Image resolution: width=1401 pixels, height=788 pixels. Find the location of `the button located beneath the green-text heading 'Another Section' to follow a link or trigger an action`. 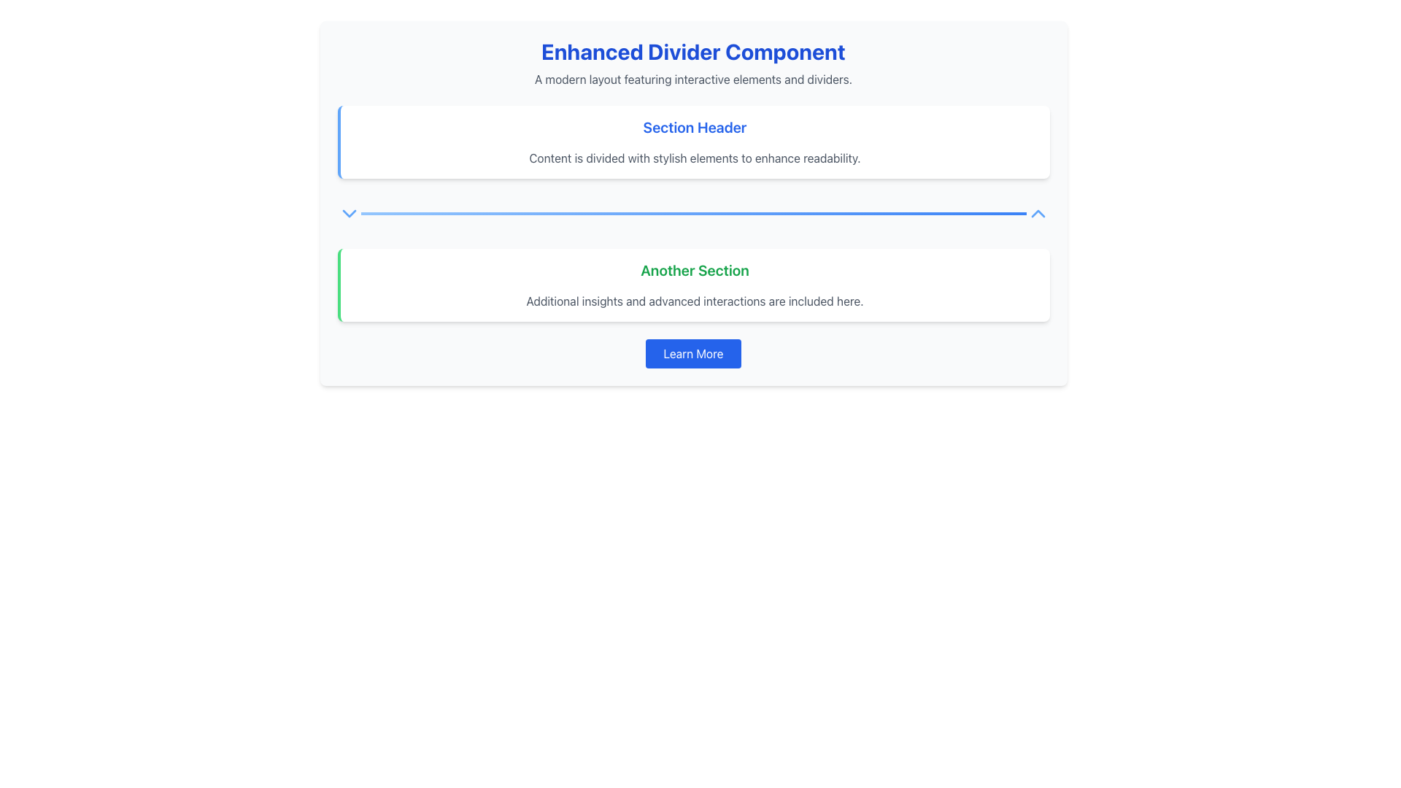

the button located beneath the green-text heading 'Another Section' to follow a link or trigger an action is located at coordinates (692, 354).